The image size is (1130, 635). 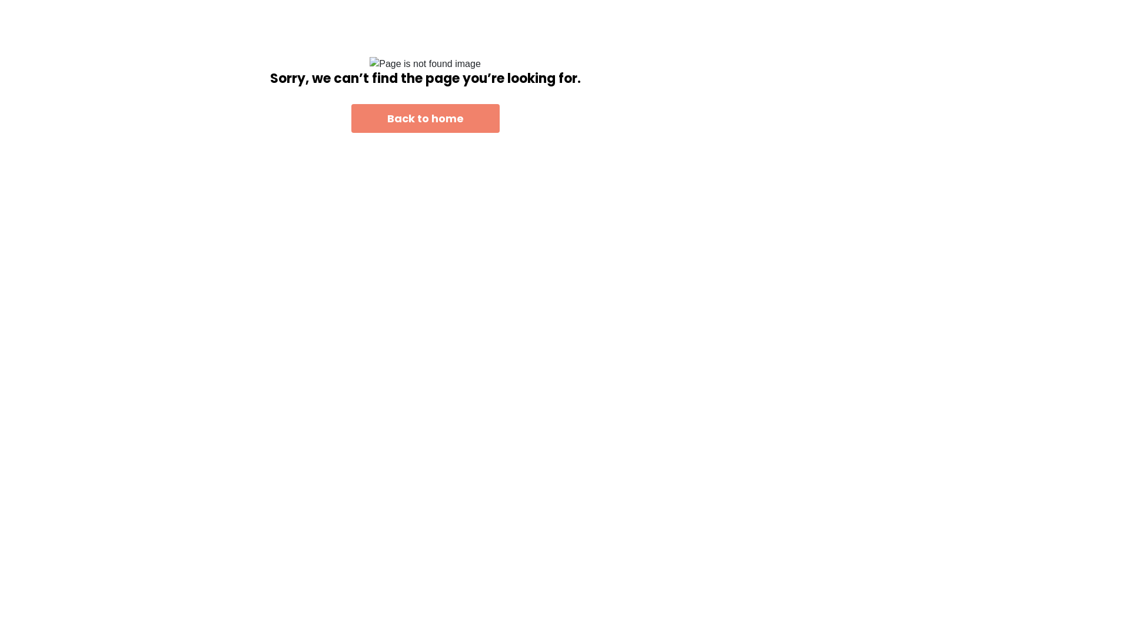 What do you see at coordinates (424, 118) in the screenshot?
I see `'Back to home'` at bounding box center [424, 118].